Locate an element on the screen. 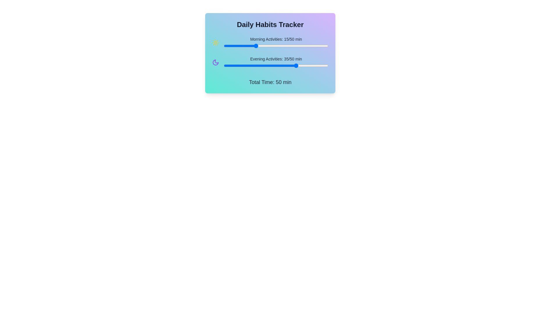  the evening activity time is located at coordinates (318, 65).